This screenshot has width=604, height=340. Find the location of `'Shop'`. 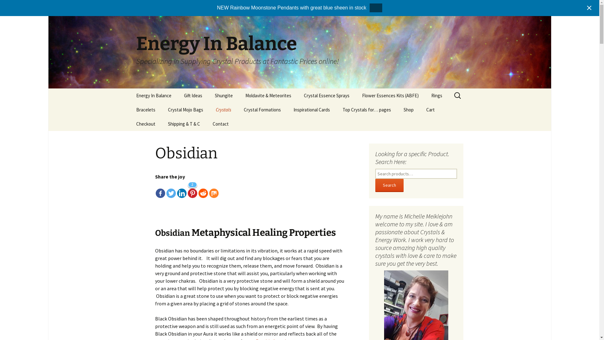

'Shop' is located at coordinates (408, 109).